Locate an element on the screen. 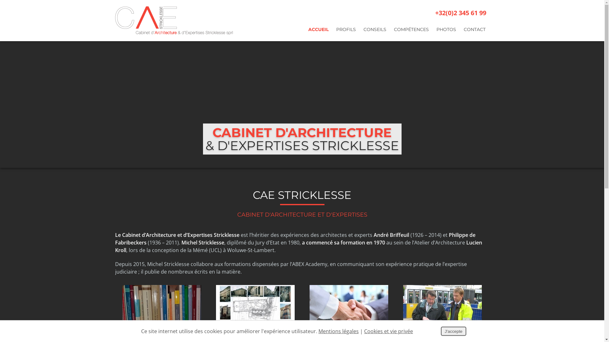 Image resolution: width=609 pixels, height=342 pixels. 'ACCUEIL' is located at coordinates (318, 31).